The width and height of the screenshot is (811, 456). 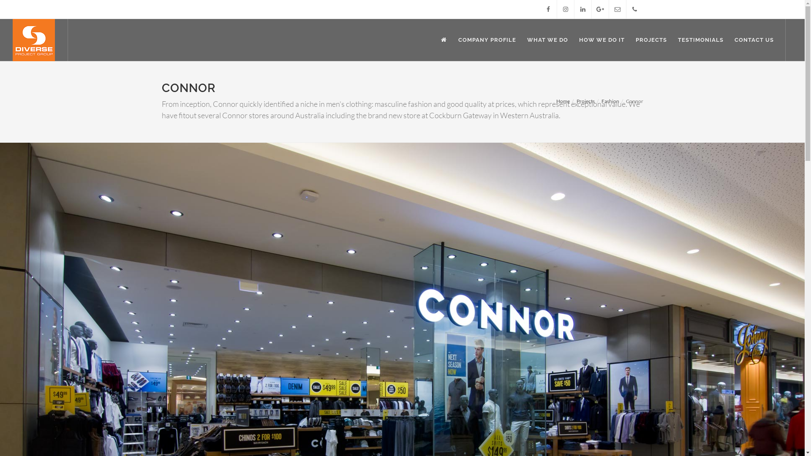 What do you see at coordinates (555, 100) in the screenshot?
I see `'Home'` at bounding box center [555, 100].